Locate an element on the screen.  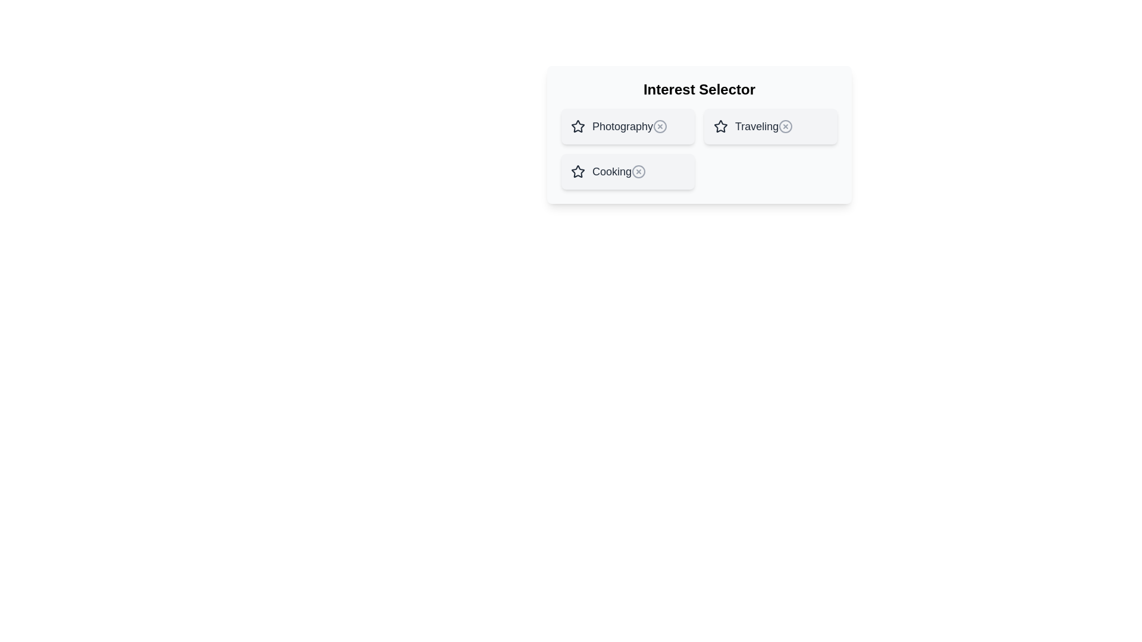
the item Cooking is located at coordinates (628, 172).